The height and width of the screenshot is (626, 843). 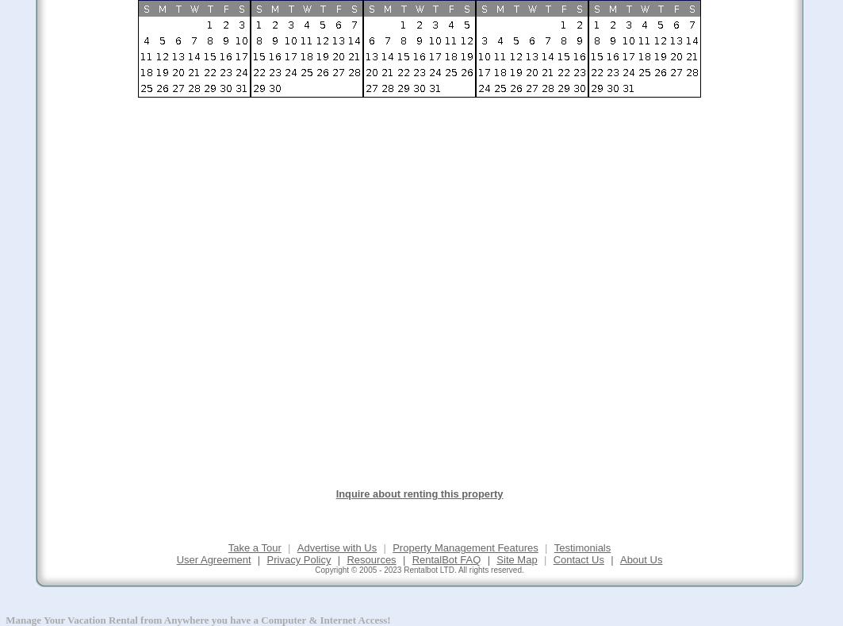 What do you see at coordinates (371, 559) in the screenshot?
I see `'Resources'` at bounding box center [371, 559].